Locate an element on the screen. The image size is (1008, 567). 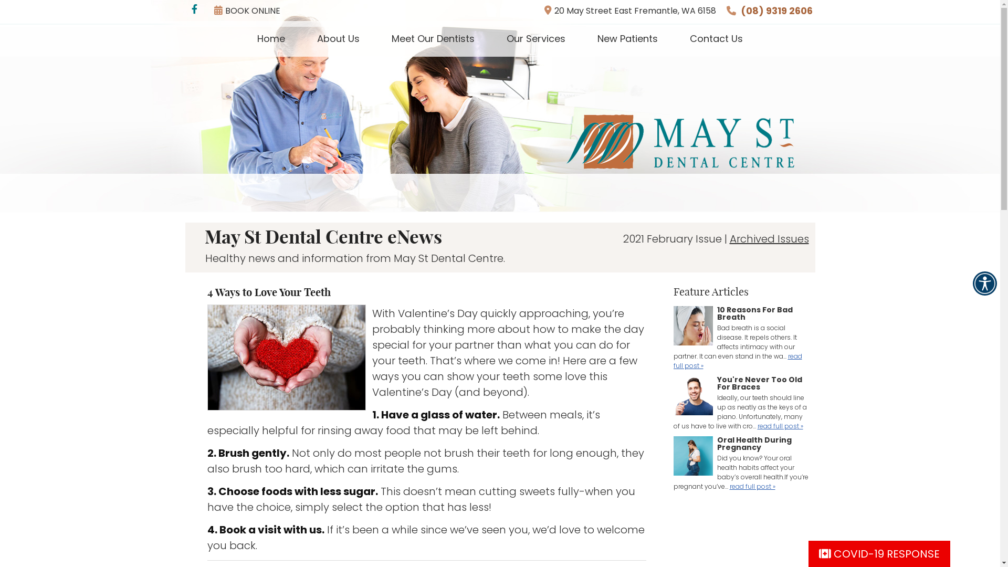
'Meet Our Dentists' is located at coordinates (433, 38).